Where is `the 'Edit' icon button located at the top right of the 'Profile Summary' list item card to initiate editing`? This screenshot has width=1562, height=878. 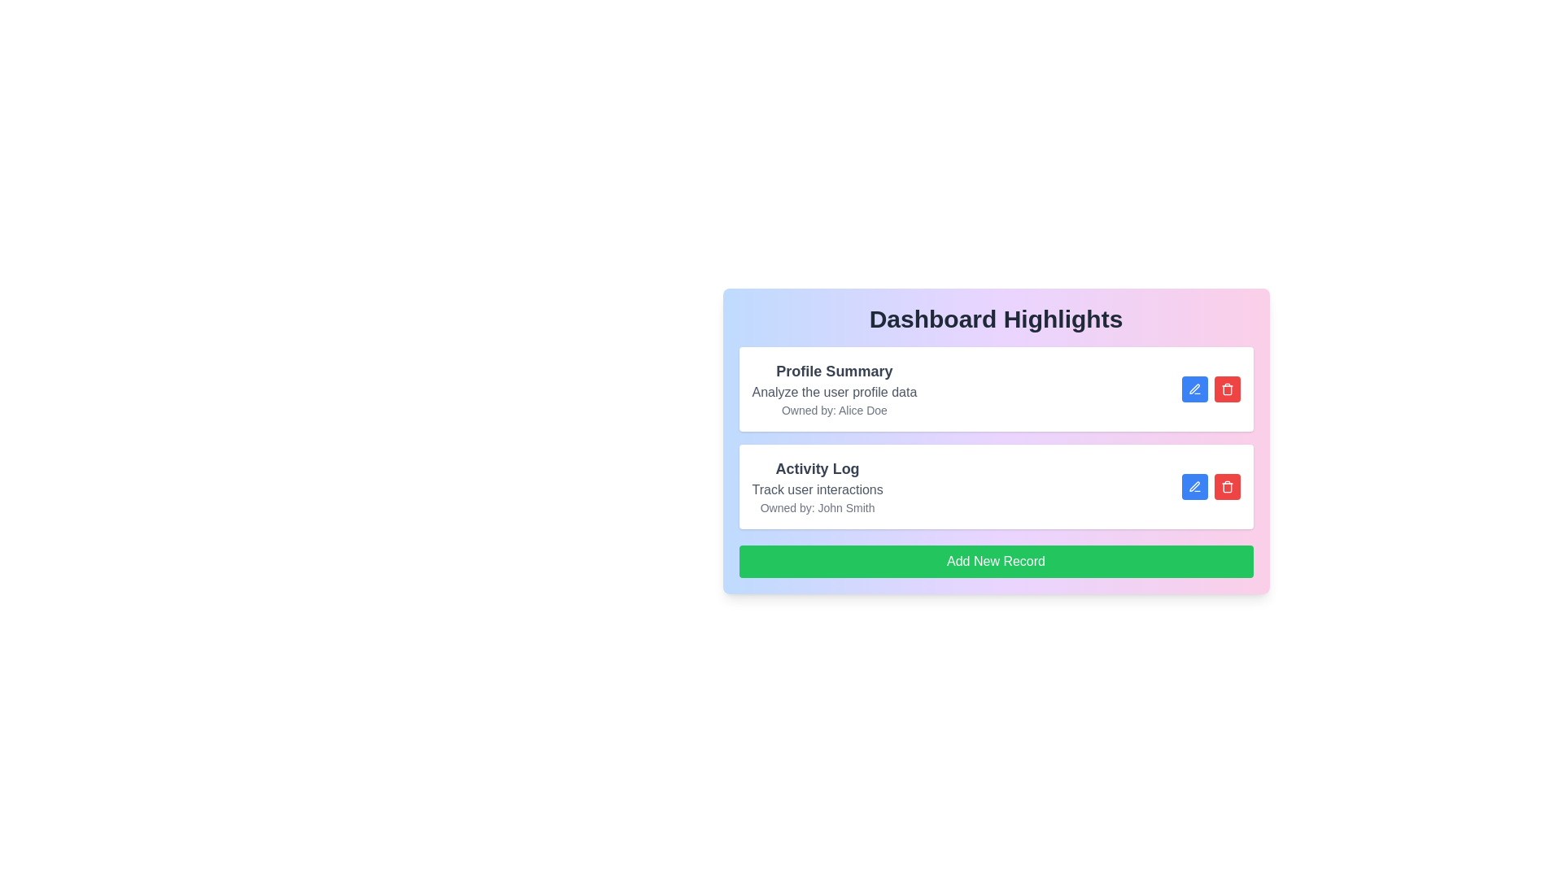
the 'Edit' icon button located at the top right of the 'Profile Summary' list item card to initiate editing is located at coordinates (1194, 389).